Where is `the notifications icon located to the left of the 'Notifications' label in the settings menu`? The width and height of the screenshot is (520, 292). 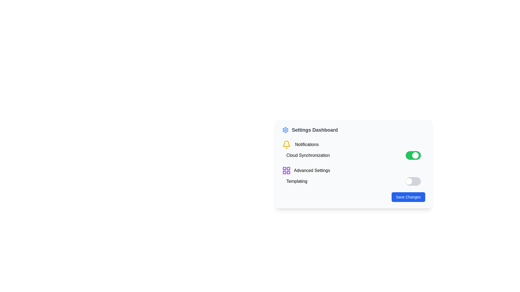 the notifications icon located to the left of the 'Notifications' label in the settings menu is located at coordinates (286, 144).